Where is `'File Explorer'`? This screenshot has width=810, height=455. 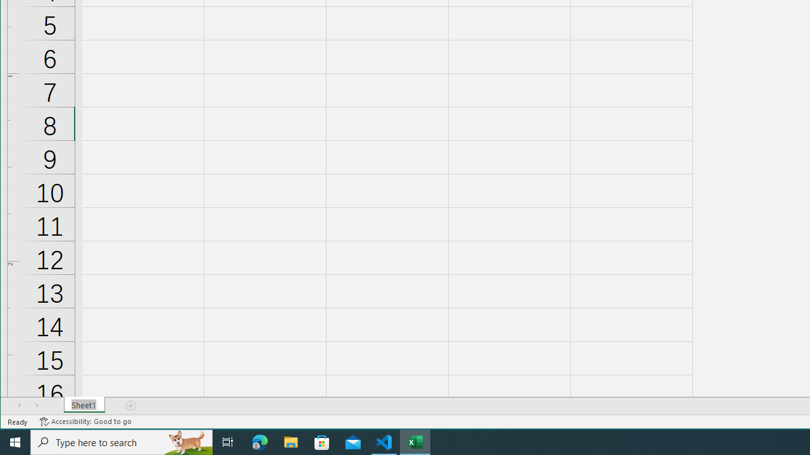 'File Explorer' is located at coordinates (290, 441).